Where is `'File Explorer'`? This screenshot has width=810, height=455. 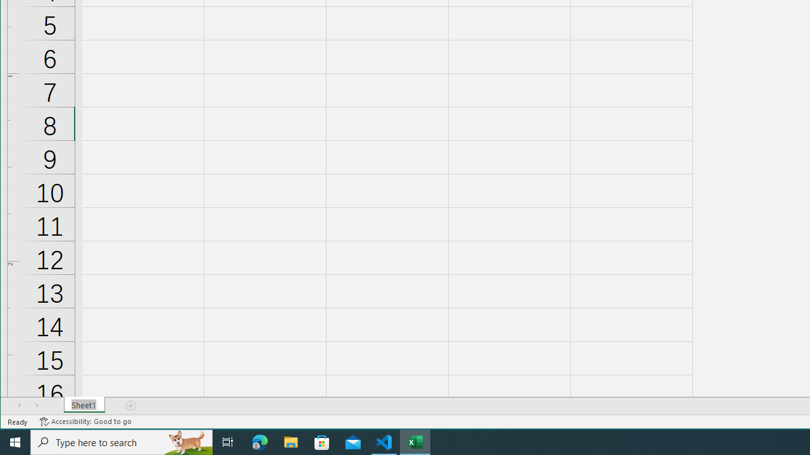 'File Explorer' is located at coordinates (290, 441).